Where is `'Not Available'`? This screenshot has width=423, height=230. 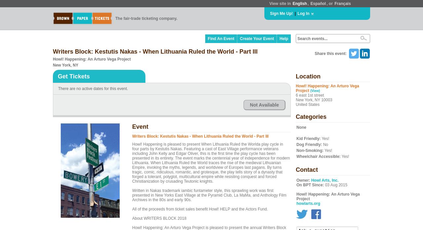 'Not Available' is located at coordinates (264, 105).